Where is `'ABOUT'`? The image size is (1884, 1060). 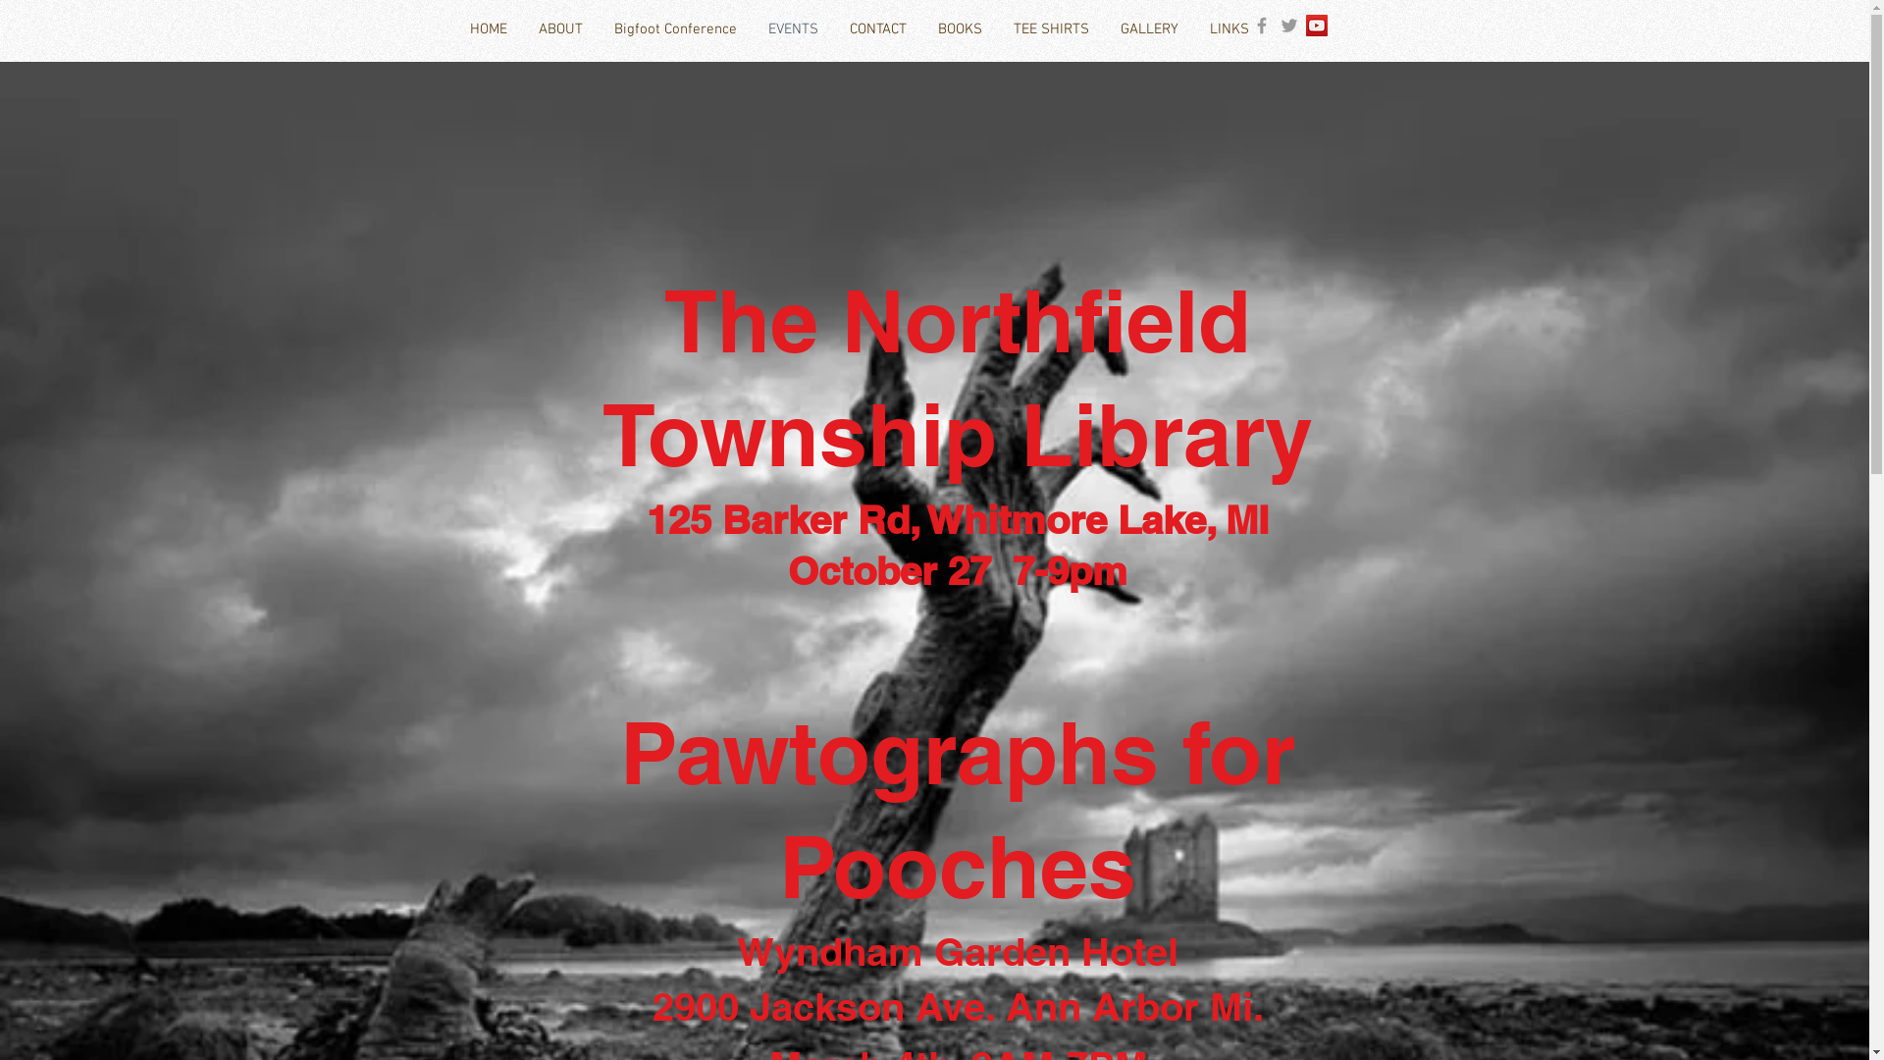
'ABOUT' is located at coordinates (558, 29).